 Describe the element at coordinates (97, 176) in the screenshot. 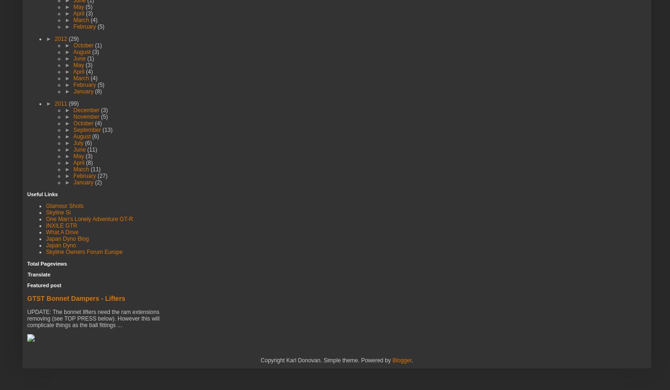

I see `'(27)'` at that location.